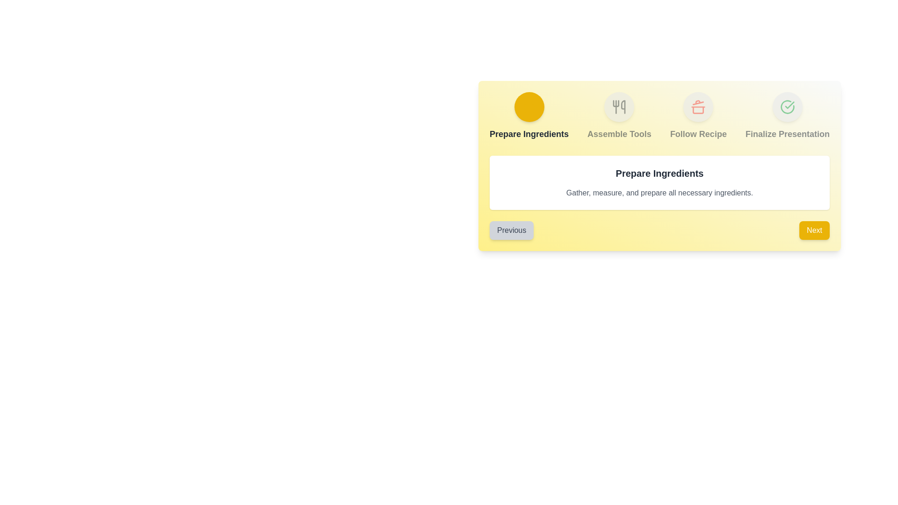 This screenshot has width=898, height=505. What do you see at coordinates (698, 134) in the screenshot?
I see `text label indicating the step 'Follow Recipe', which is positioned under the cooking pot icon in the multi-step guide interface` at bounding box center [698, 134].